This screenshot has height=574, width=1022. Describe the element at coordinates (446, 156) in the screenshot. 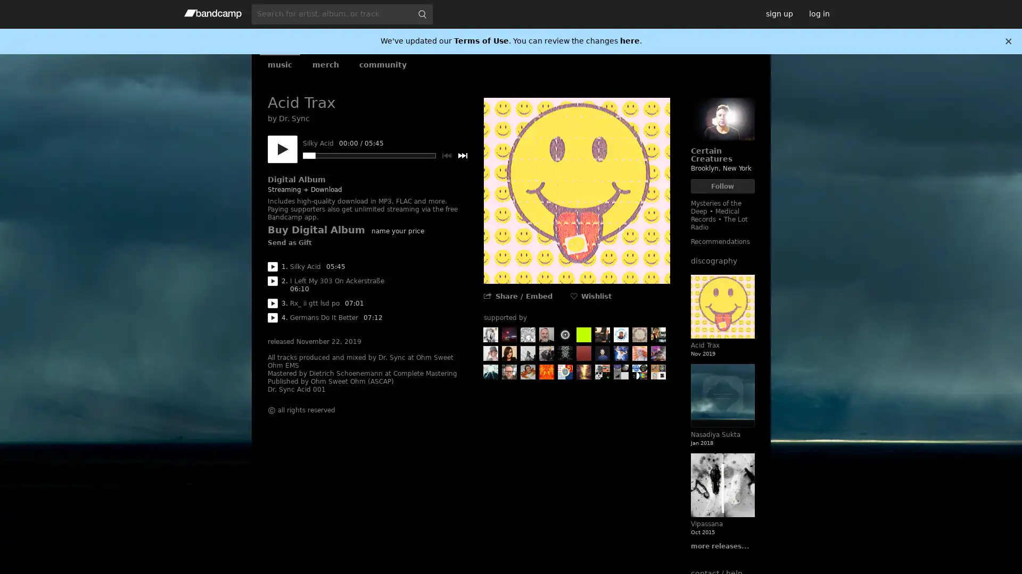

I see `Previous track` at that location.